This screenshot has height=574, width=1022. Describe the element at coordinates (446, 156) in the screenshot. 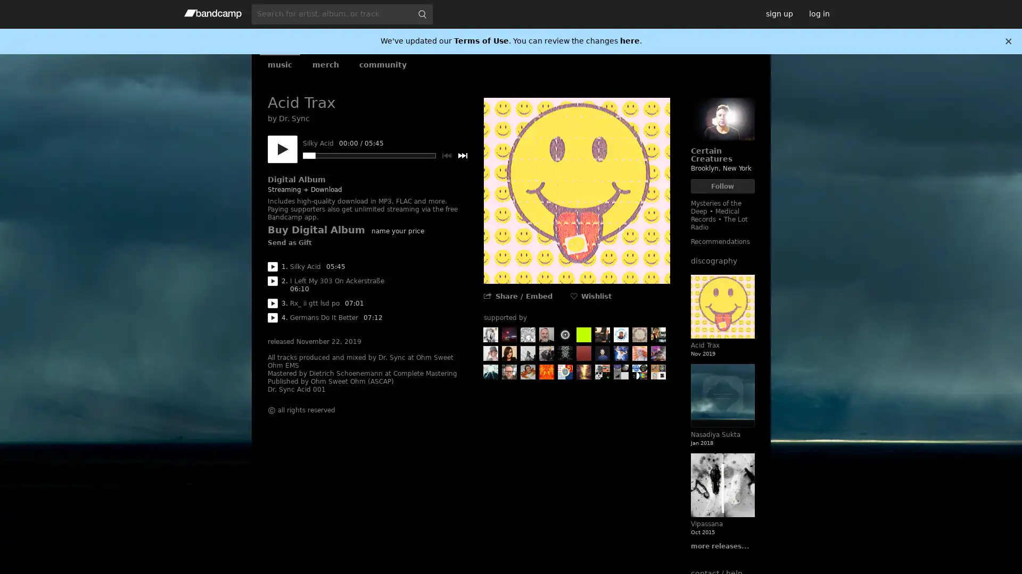

I see `Previous track` at that location.